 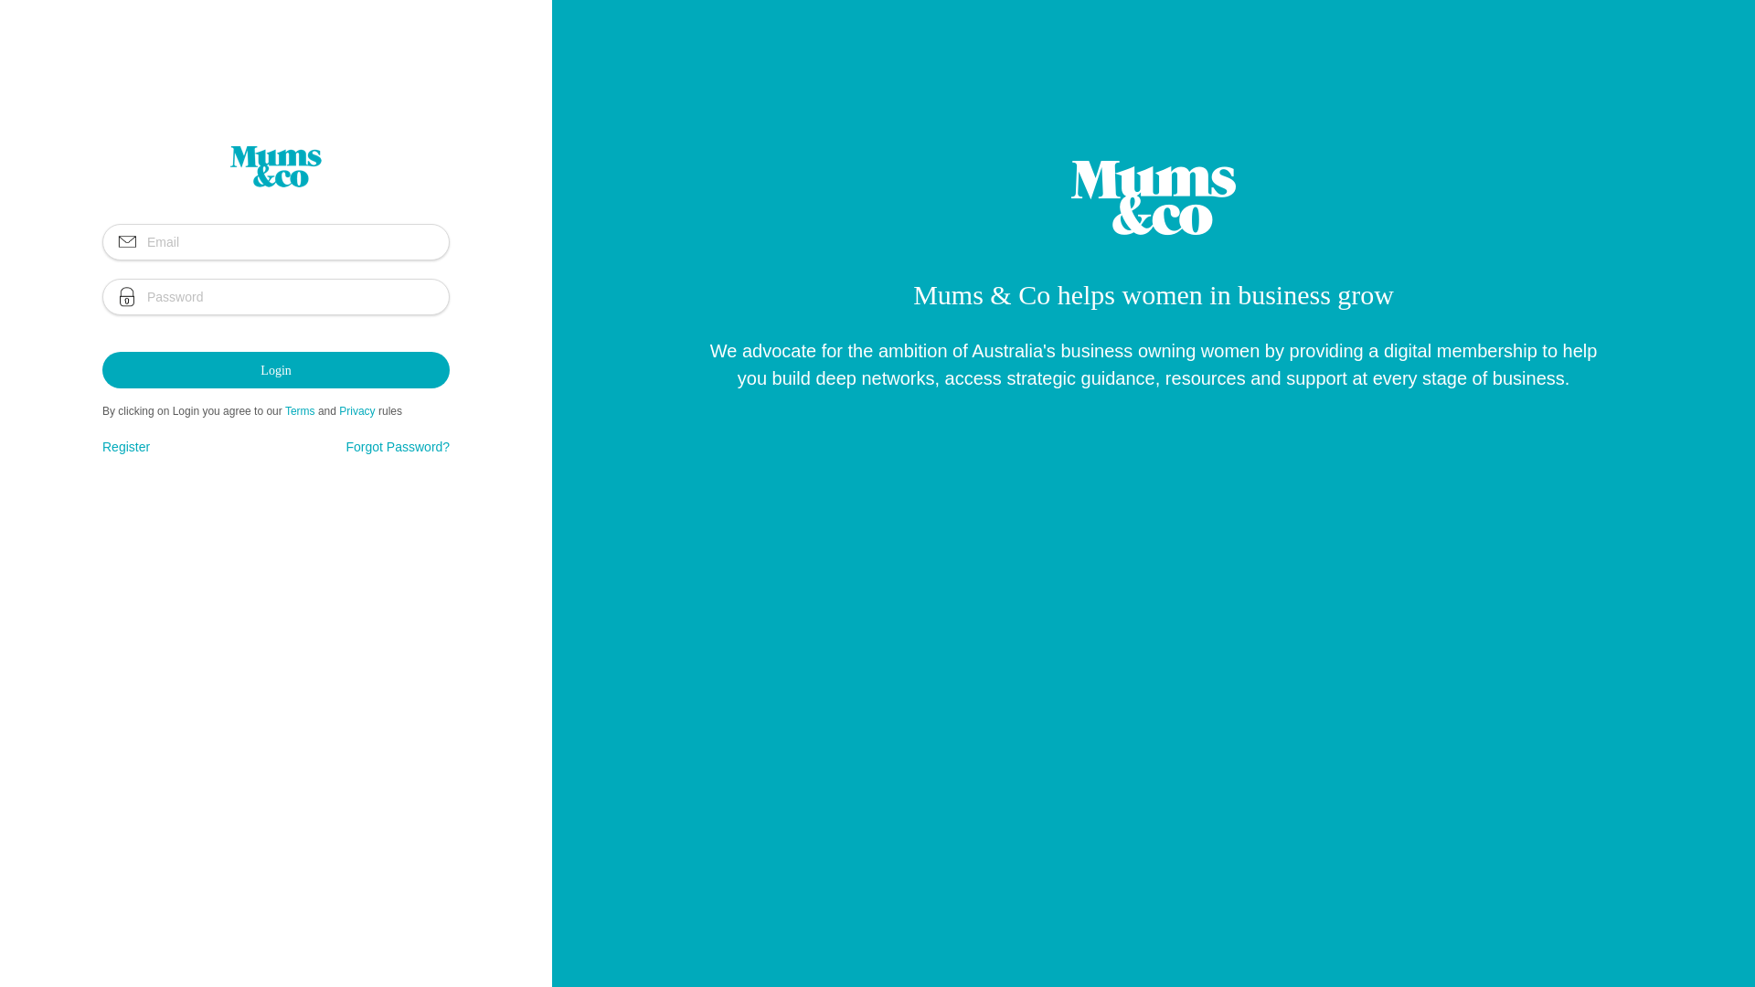 I want to click on 'Privacy', so click(x=338, y=411).